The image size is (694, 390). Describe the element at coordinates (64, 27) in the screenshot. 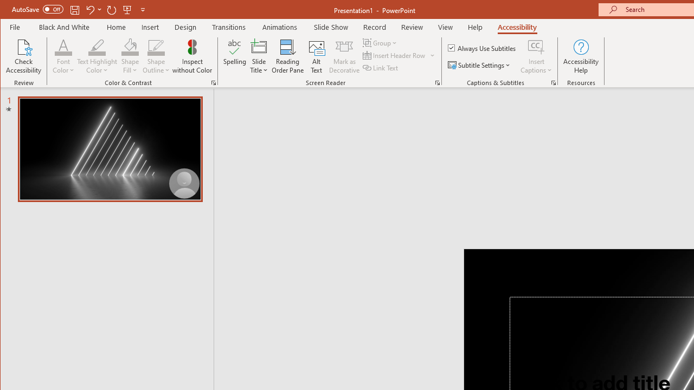

I see `'Black And White'` at that location.